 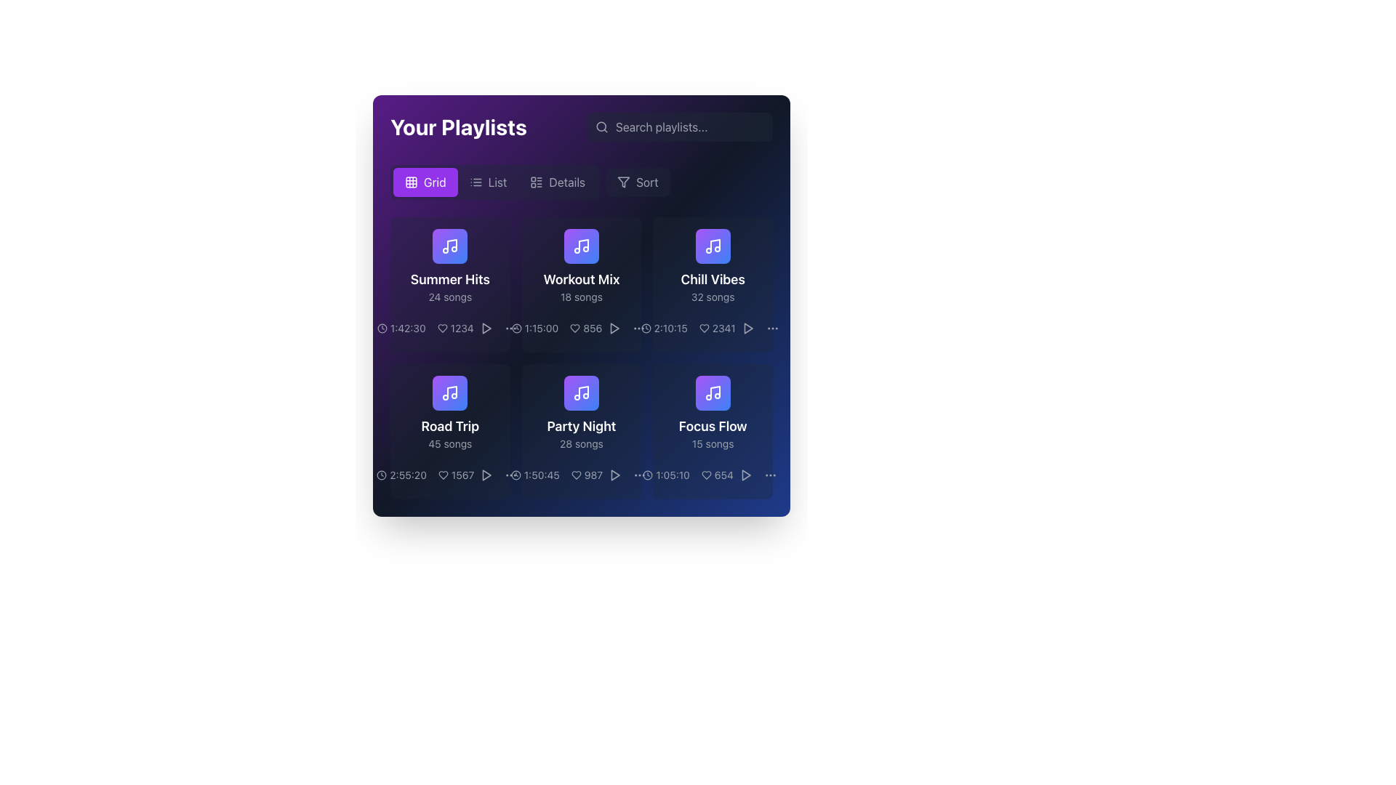 What do you see at coordinates (624, 181) in the screenshot?
I see `the filter icon which is a funnel-shaped graphic located before the 'Sort' label in the top-right section of the interface` at bounding box center [624, 181].